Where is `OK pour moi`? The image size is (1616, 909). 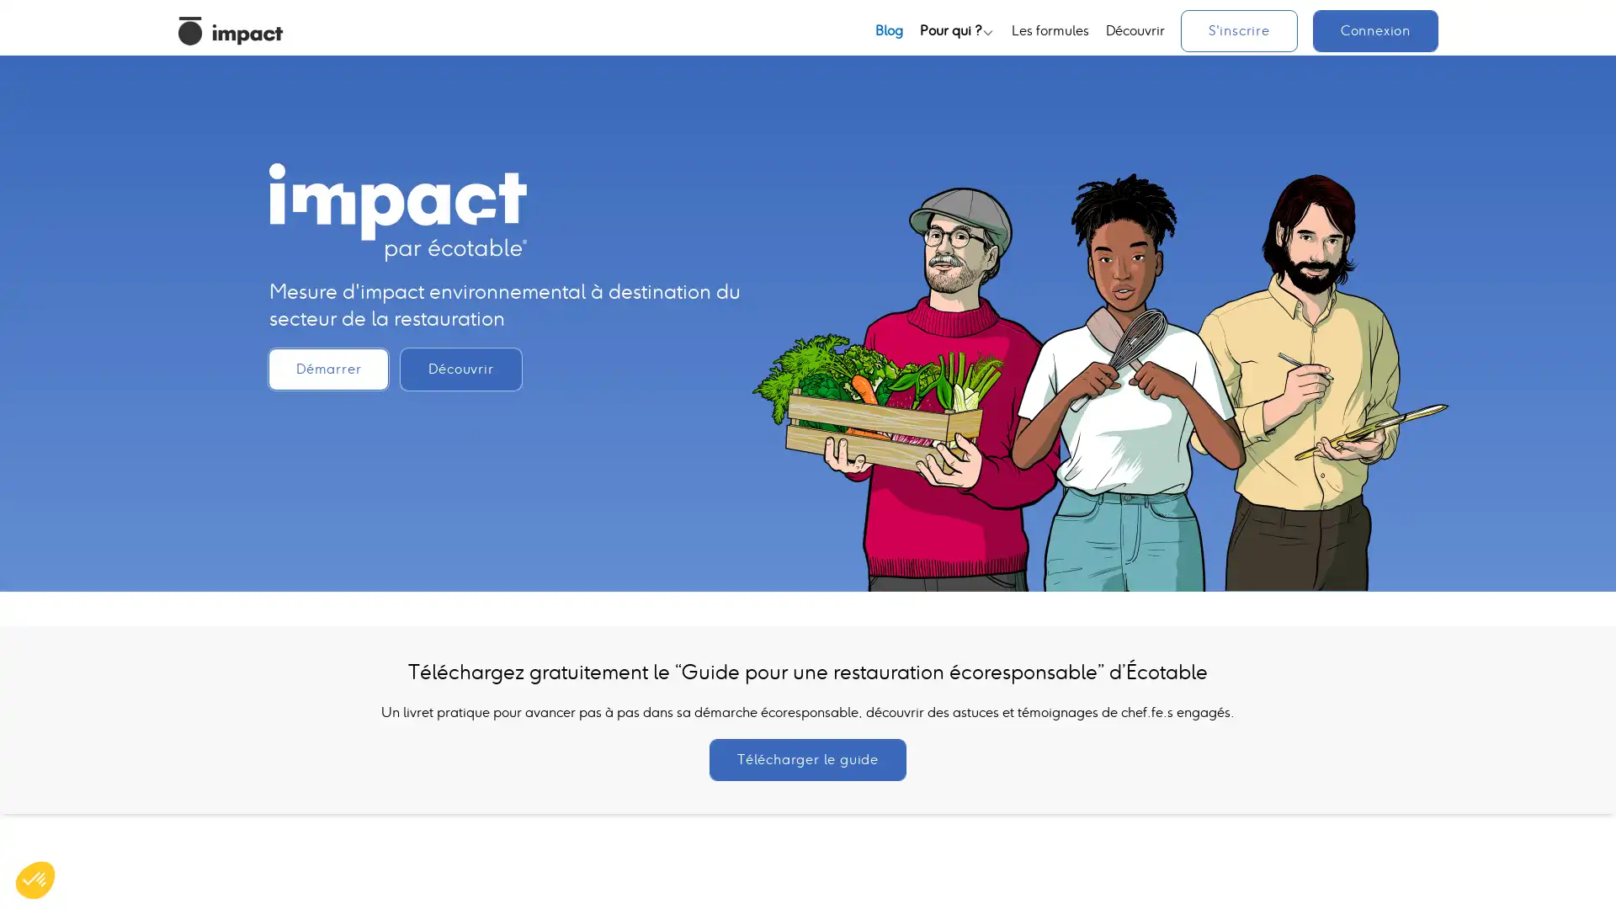 OK pour moi is located at coordinates (311, 823).